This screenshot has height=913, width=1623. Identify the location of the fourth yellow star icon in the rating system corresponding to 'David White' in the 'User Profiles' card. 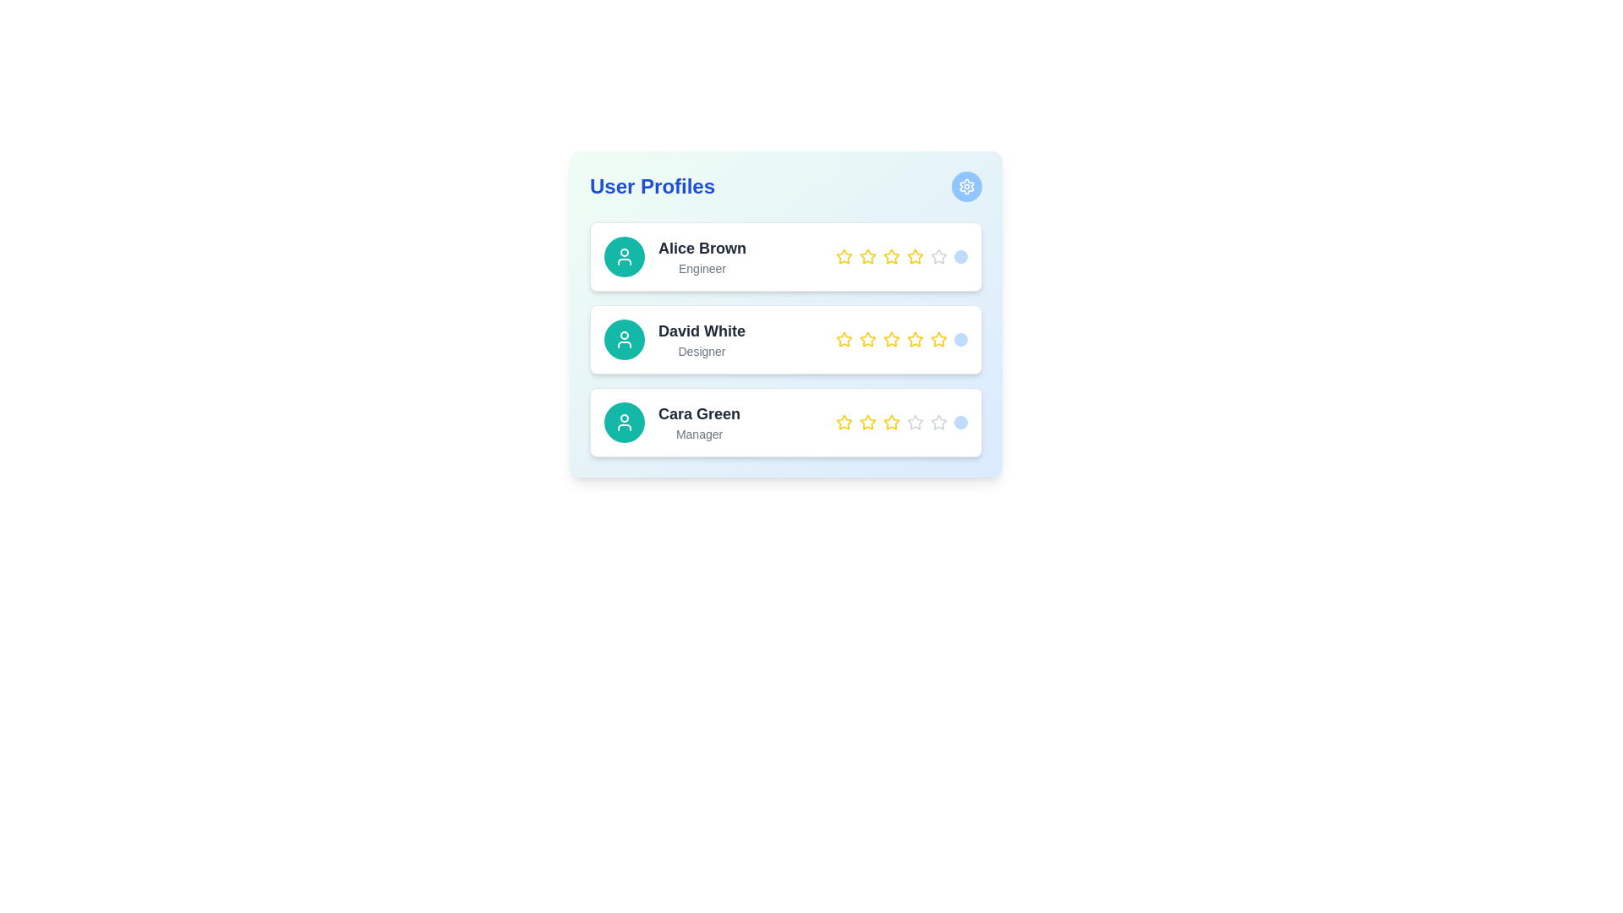
(891, 339).